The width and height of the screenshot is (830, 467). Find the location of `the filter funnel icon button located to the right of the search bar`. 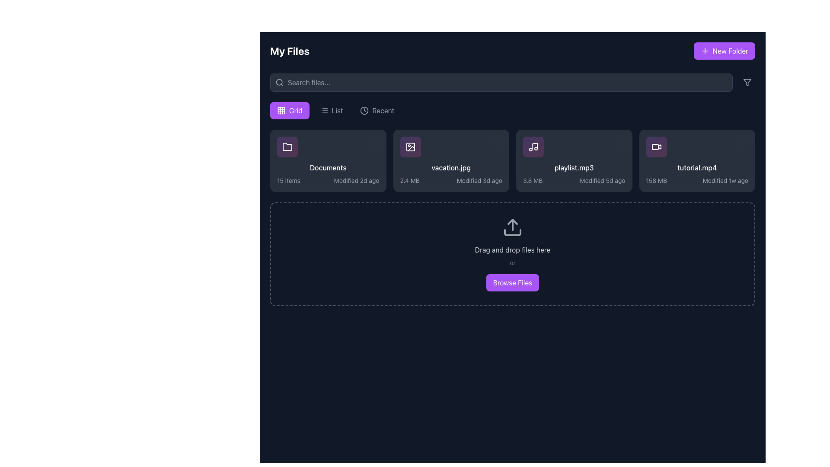

the filter funnel icon button located to the right of the search bar is located at coordinates (747, 83).